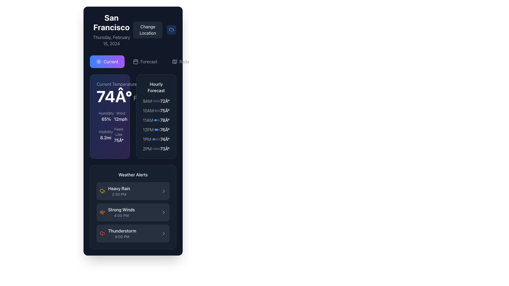  What do you see at coordinates (147, 139) in the screenshot?
I see `the Label or Text Display indicating the 1PM hour in the 'Hourly Forecast' section, located between the '12PM' and '2PM' labels` at bounding box center [147, 139].